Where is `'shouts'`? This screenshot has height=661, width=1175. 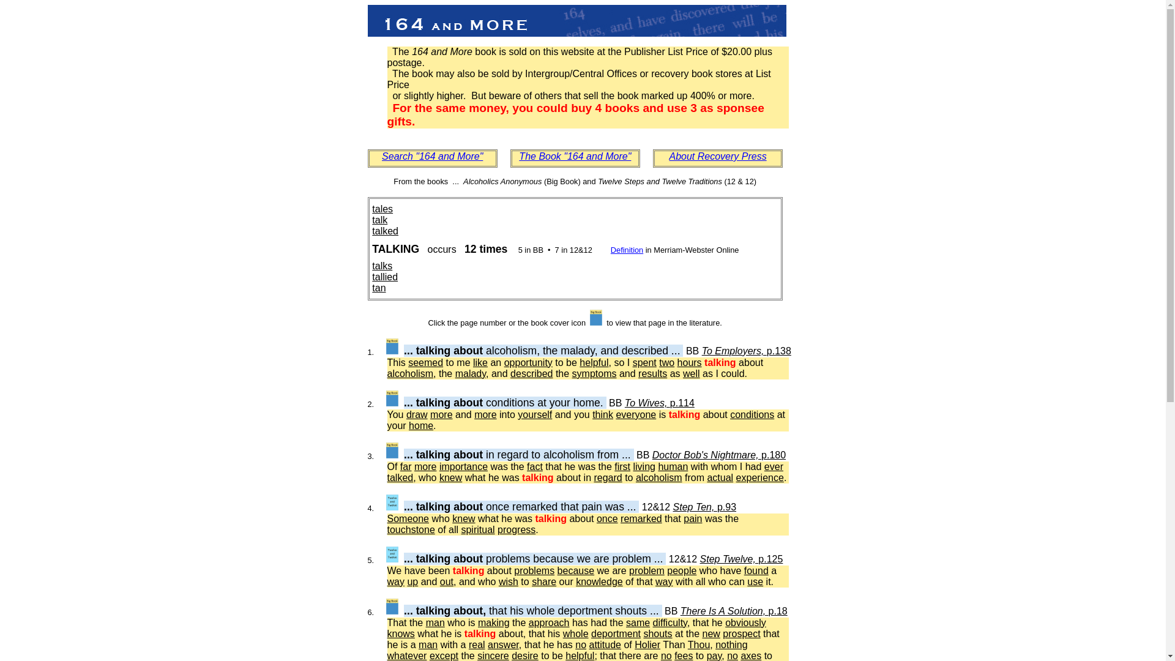
'shouts' is located at coordinates (657, 633).